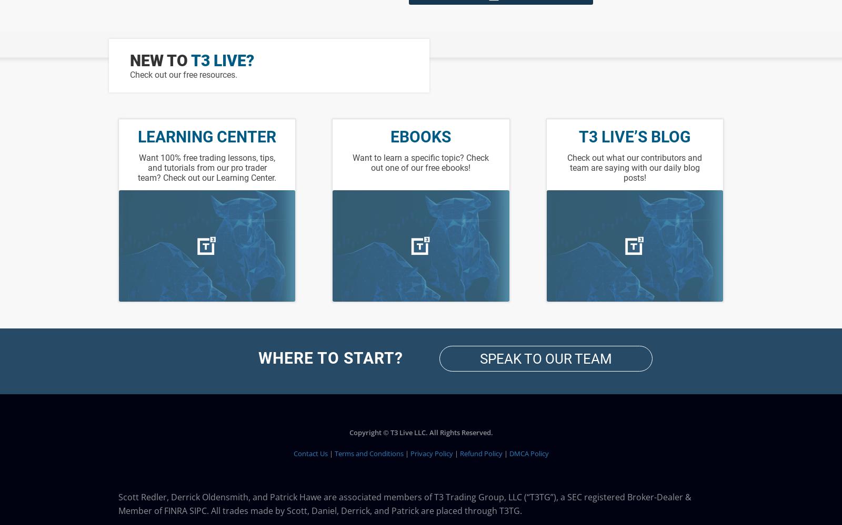 This screenshot has width=842, height=525. Describe the element at coordinates (309, 453) in the screenshot. I see `'Contact Us'` at that location.